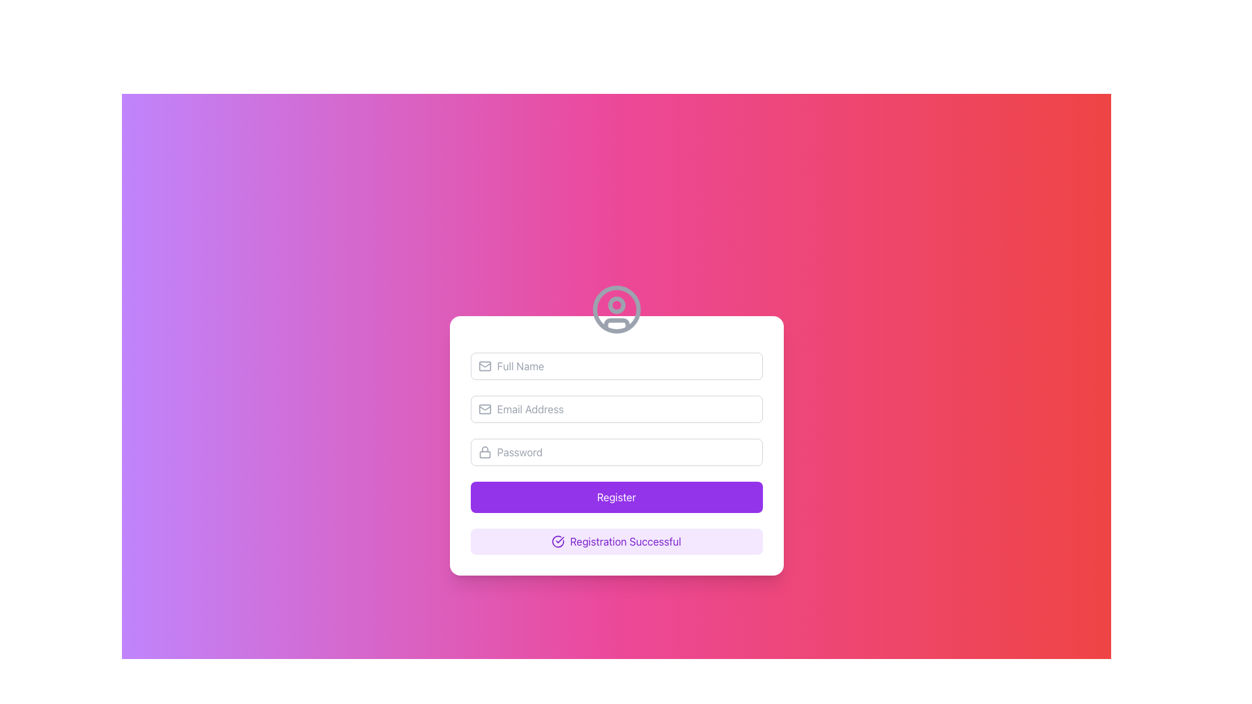 The image size is (1252, 704). What do you see at coordinates (484, 452) in the screenshot?
I see `the lock icon located at the left edge of the password input field to interact with it` at bounding box center [484, 452].